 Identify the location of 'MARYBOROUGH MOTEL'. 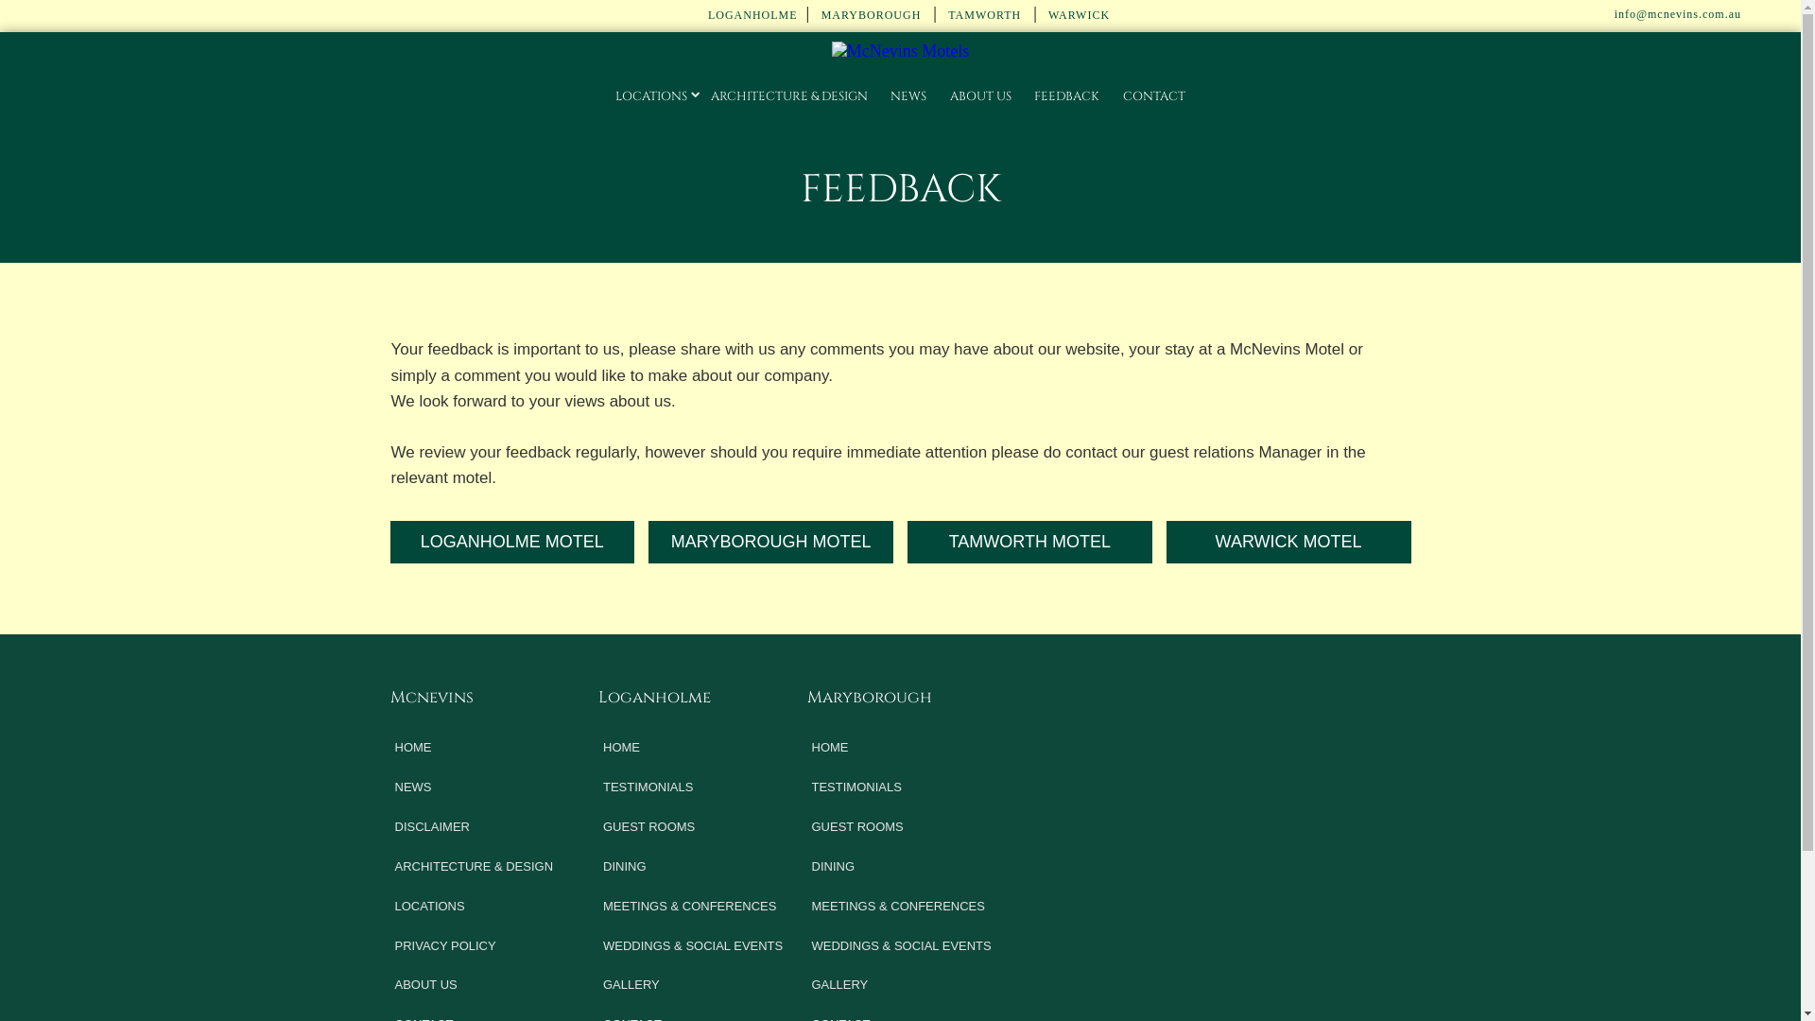
(770, 543).